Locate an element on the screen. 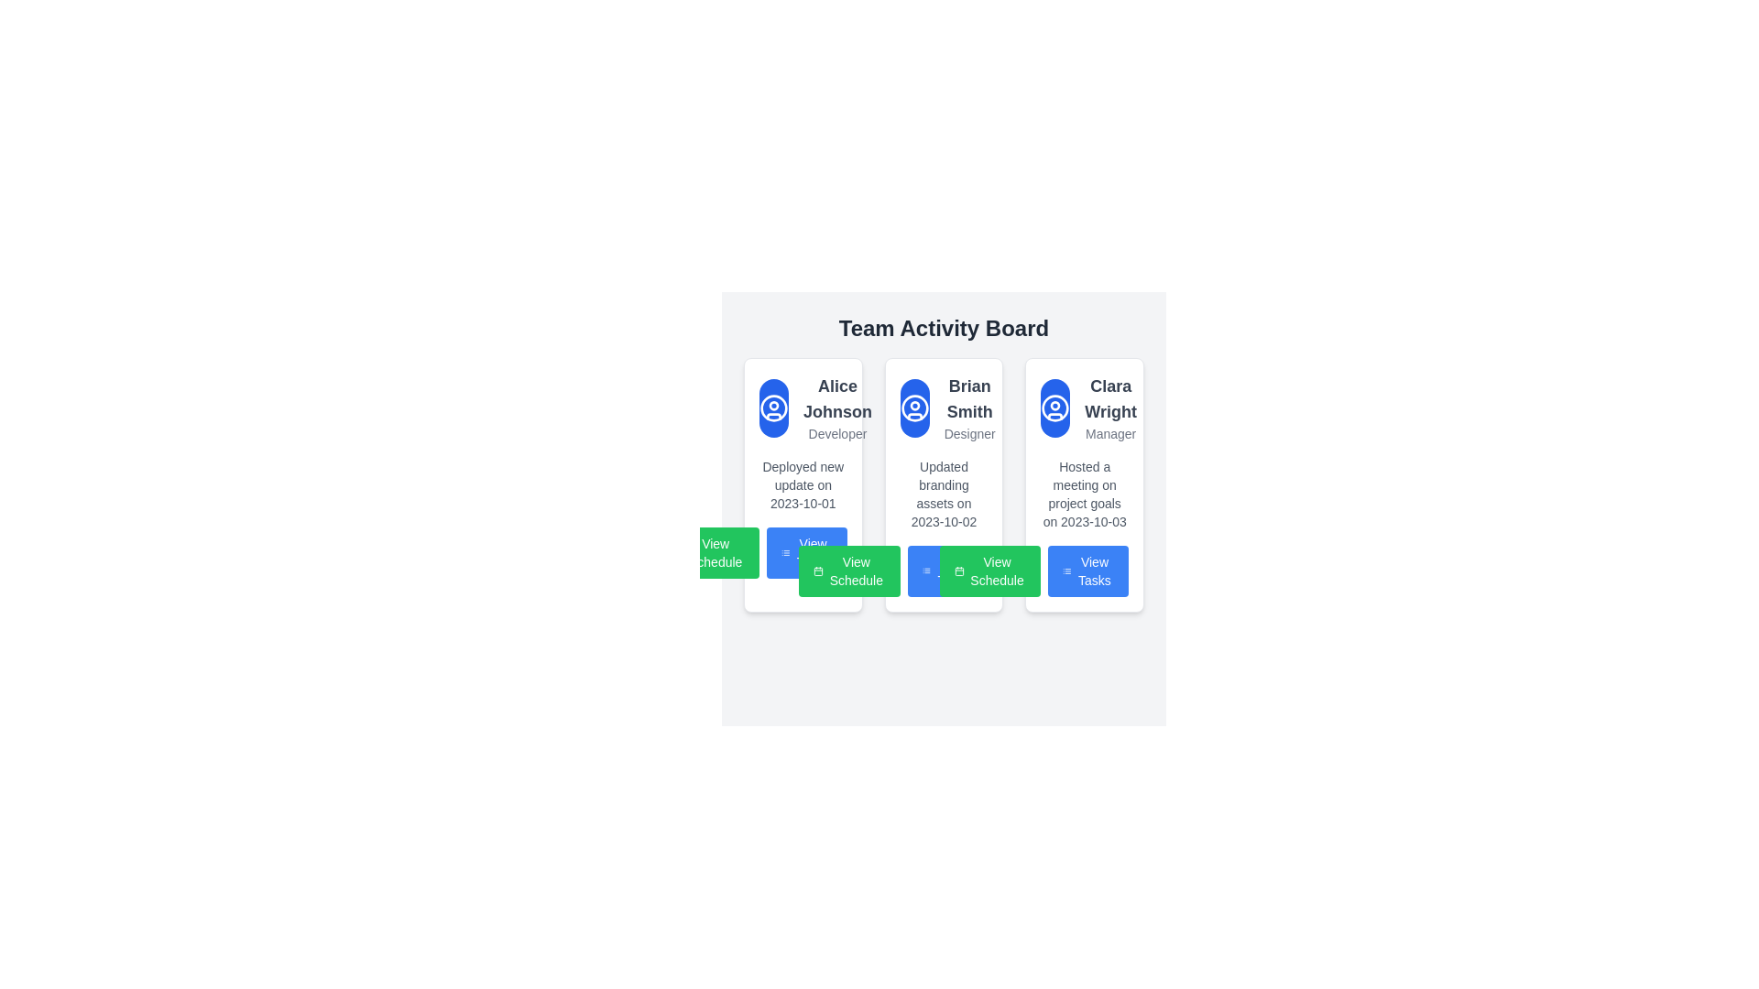 This screenshot has height=989, width=1759. the Text Display element that indicates the name and professional role of an individual, located in the middle card of the Team Activity Board is located at coordinates (968, 408).